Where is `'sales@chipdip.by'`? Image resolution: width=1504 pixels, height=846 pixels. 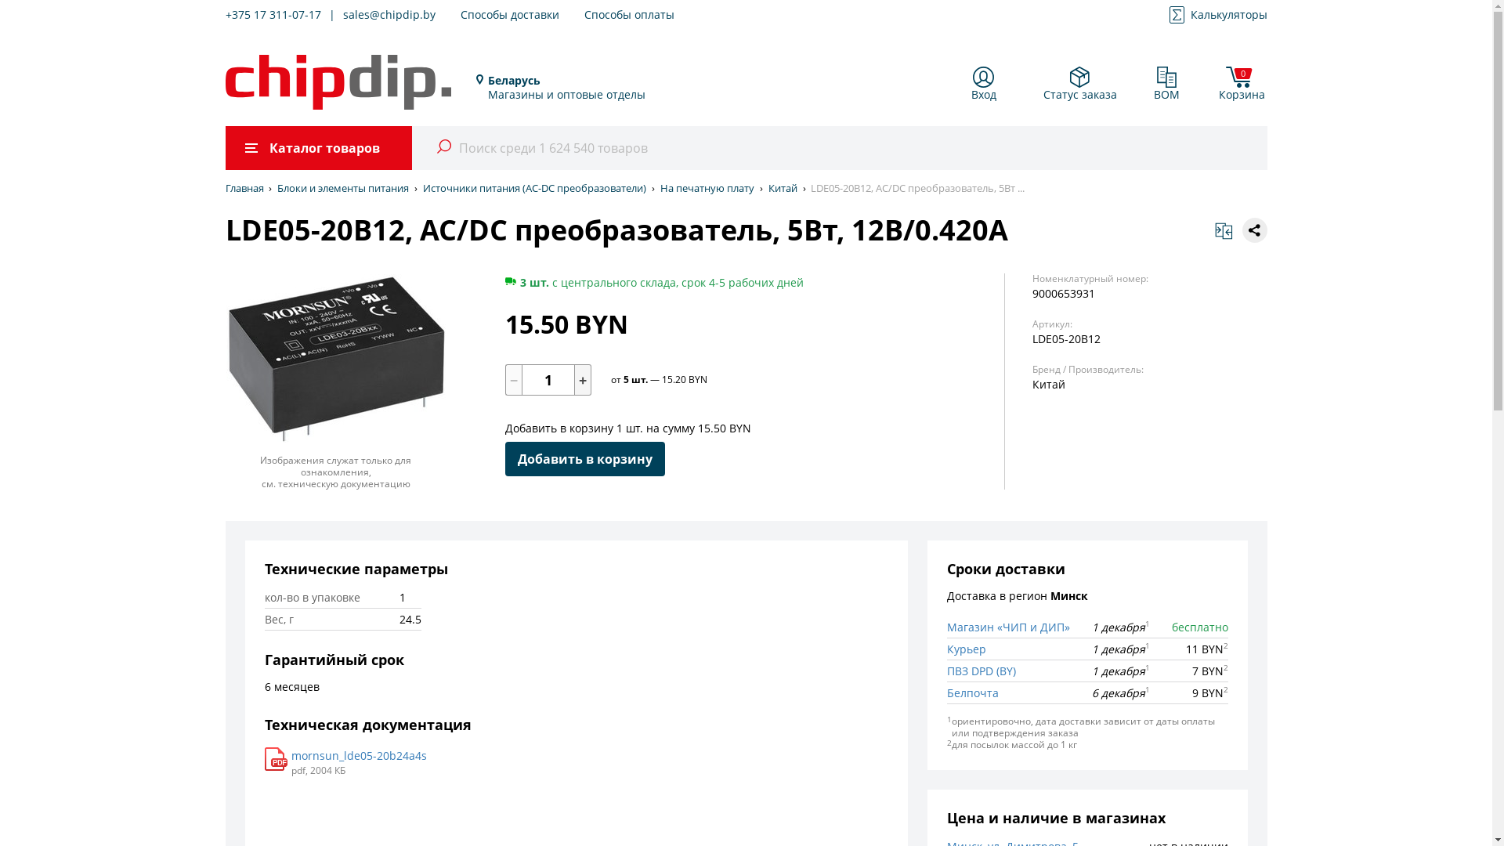
'sales@chipdip.by' is located at coordinates (389, 15).